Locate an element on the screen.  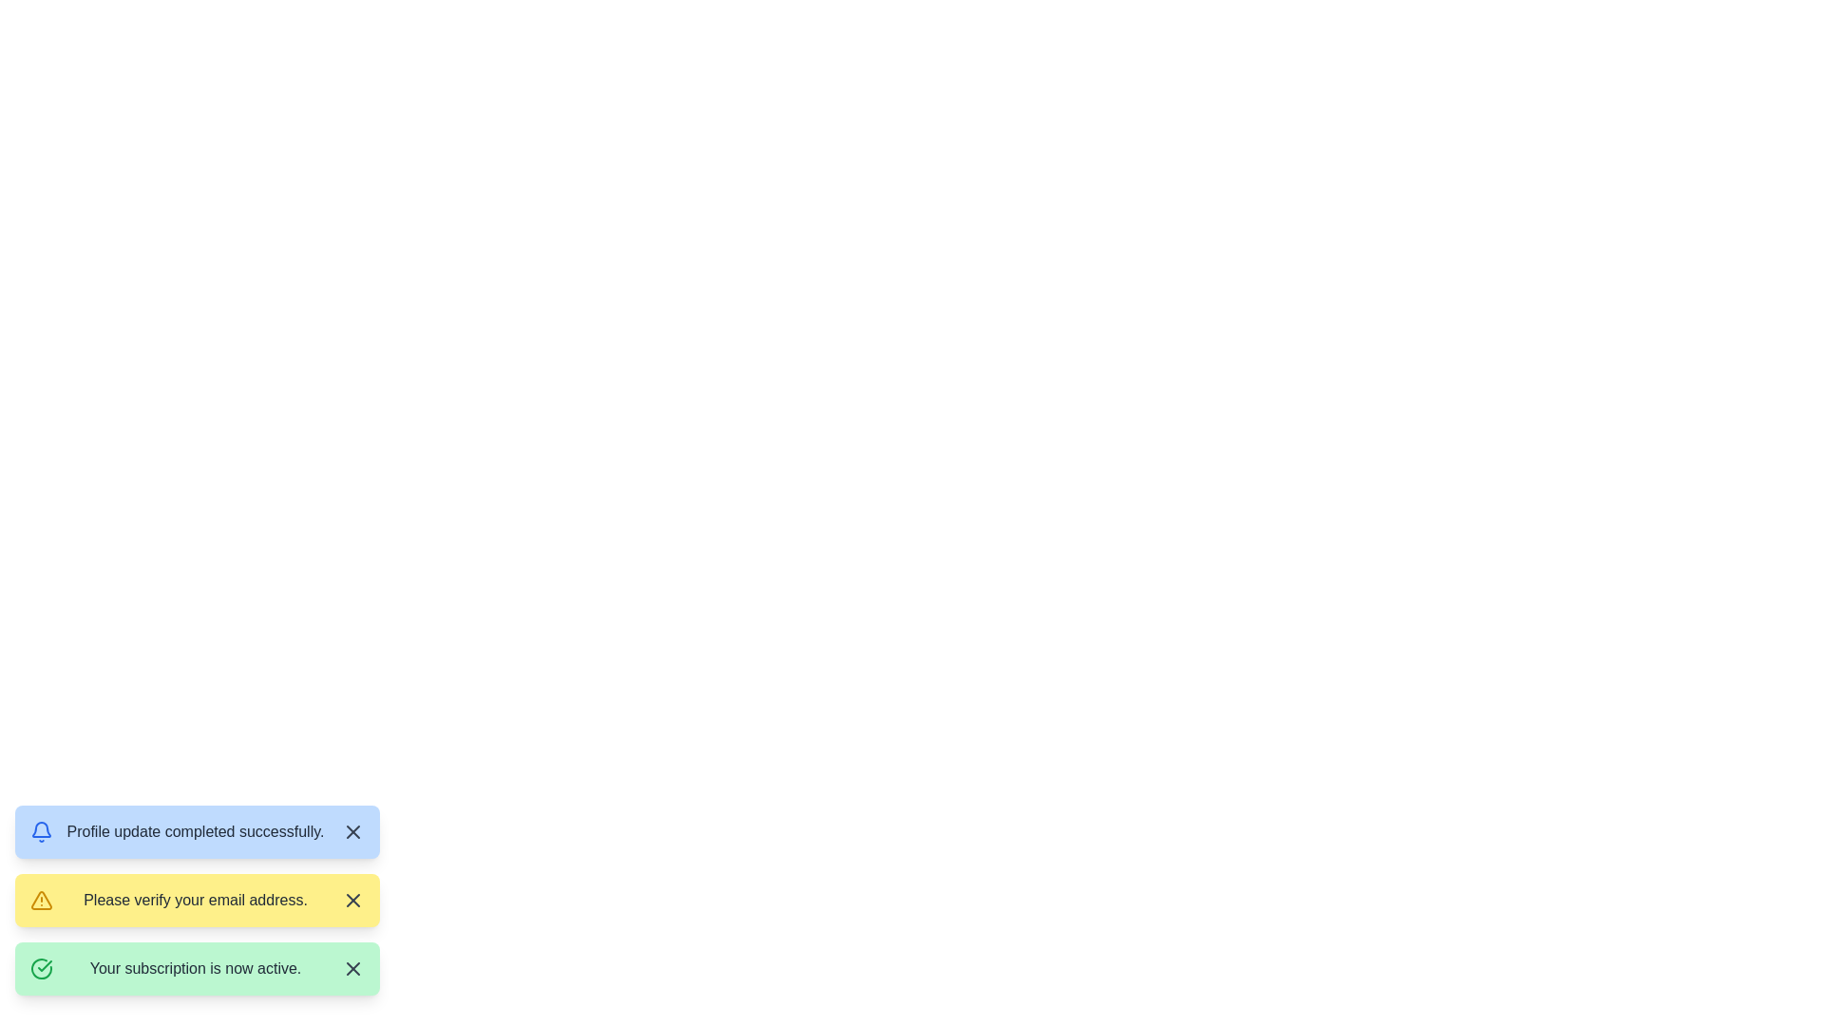
text from the notification card's text label, which informs the user to verify their email address and is located in the center of the card with a yellow background is located at coordinates (196, 900).